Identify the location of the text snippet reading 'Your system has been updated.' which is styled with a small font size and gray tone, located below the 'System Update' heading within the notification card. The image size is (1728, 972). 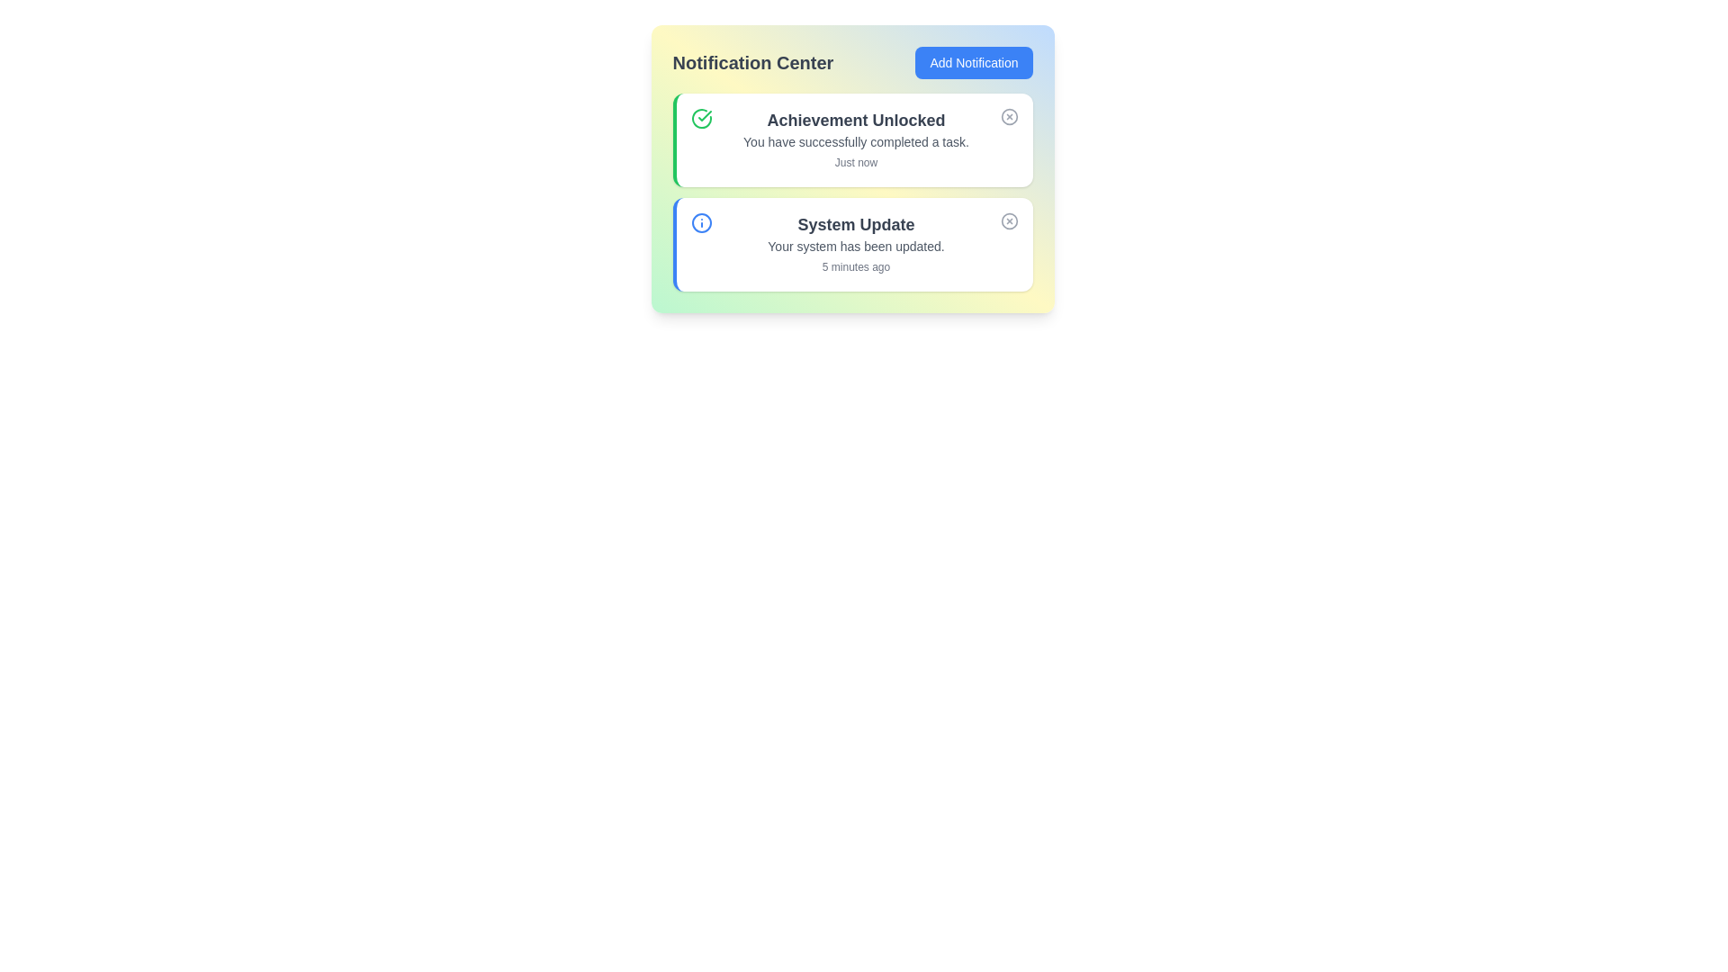
(855, 246).